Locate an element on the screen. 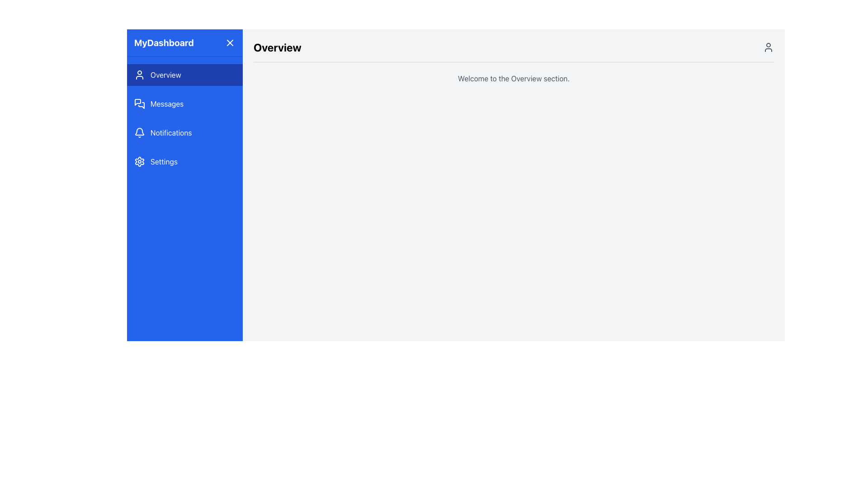 The width and height of the screenshot is (868, 488). the 'Notifications' button, which is the third item in the vertical navigation menu on the left sidebar is located at coordinates (184, 132).